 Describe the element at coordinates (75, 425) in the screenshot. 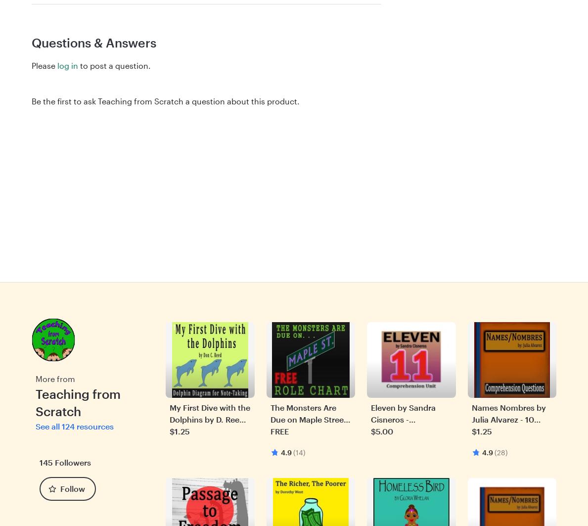

I see `'See all 124 resources'` at that location.